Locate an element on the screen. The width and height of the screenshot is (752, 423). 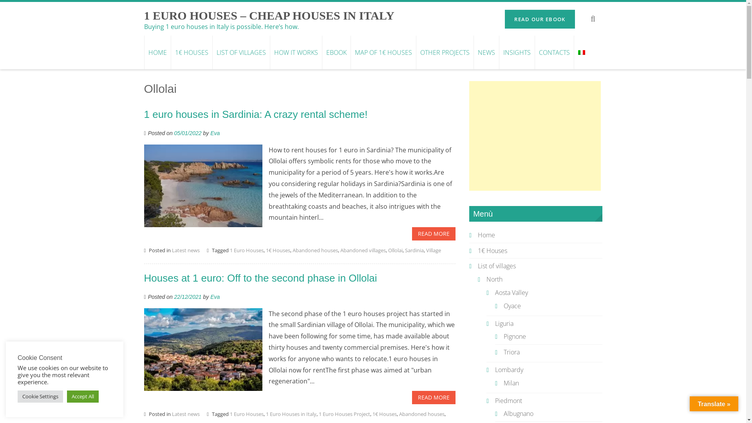
'Home' is located at coordinates (486, 235).